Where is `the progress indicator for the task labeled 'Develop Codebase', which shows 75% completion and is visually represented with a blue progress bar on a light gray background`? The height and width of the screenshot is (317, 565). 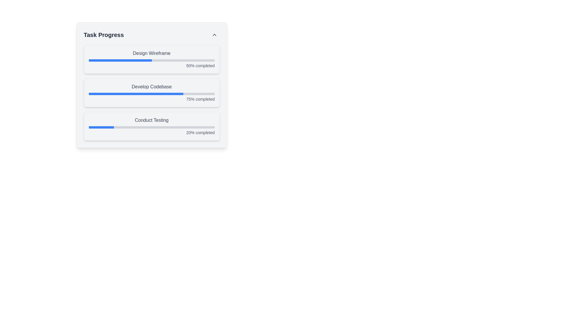
the progress indicator for the task labeled 'Develop Codebase', which shows 75% completion and is visually represented with a blue progress bar on a light gray background is located at coordinates (152, 92).